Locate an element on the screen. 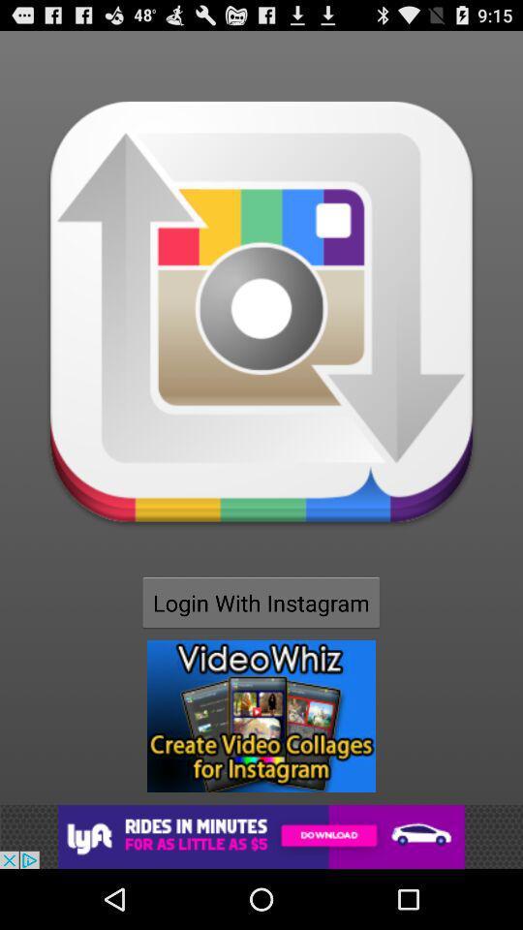  videowhiz site is located at coordinates (261, 715).